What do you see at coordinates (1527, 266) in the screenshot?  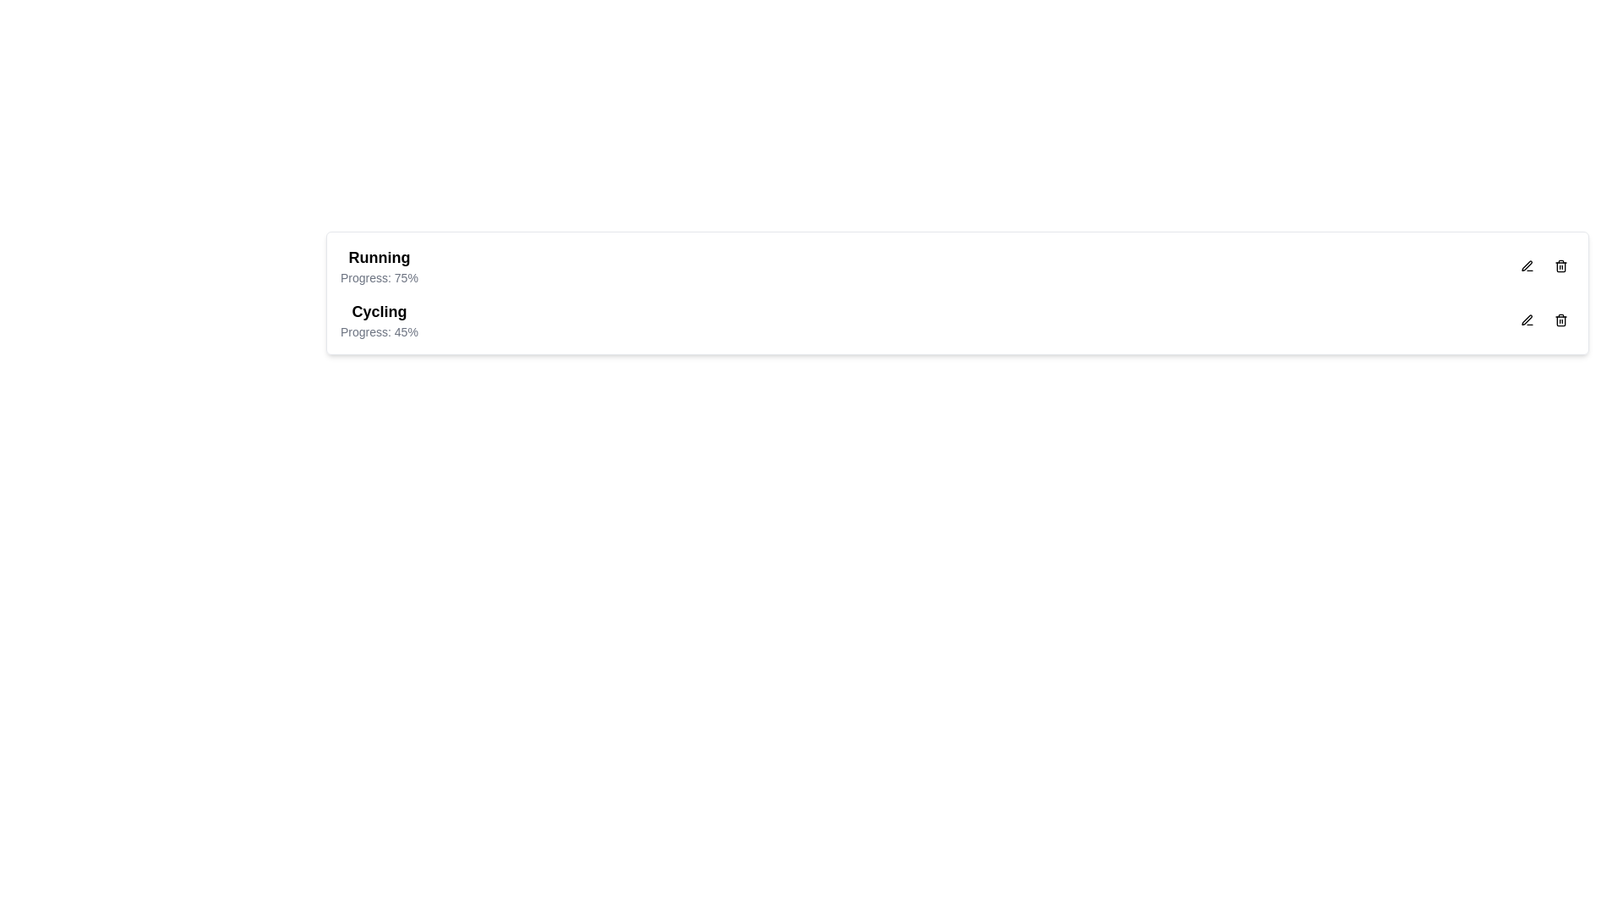 I see `the edit button located on the right side of the interface, in the second row of actionable icons` at bounding box center [1527, 266].